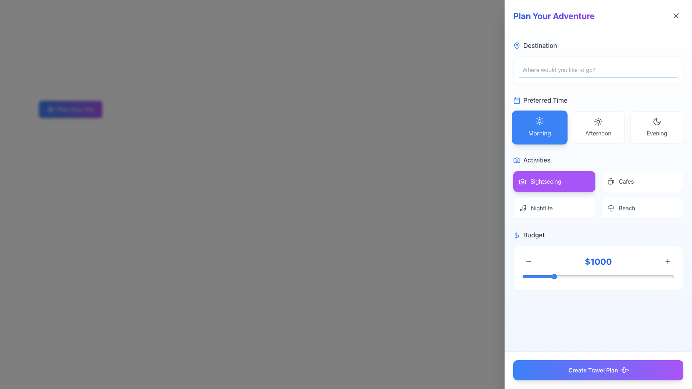 The width and height of the screenshot is (692, 389). I want to click on the travel plan creation button located at the bottom of the visible panel in the 'Plan Your Adventure' section, so click(598, 370).